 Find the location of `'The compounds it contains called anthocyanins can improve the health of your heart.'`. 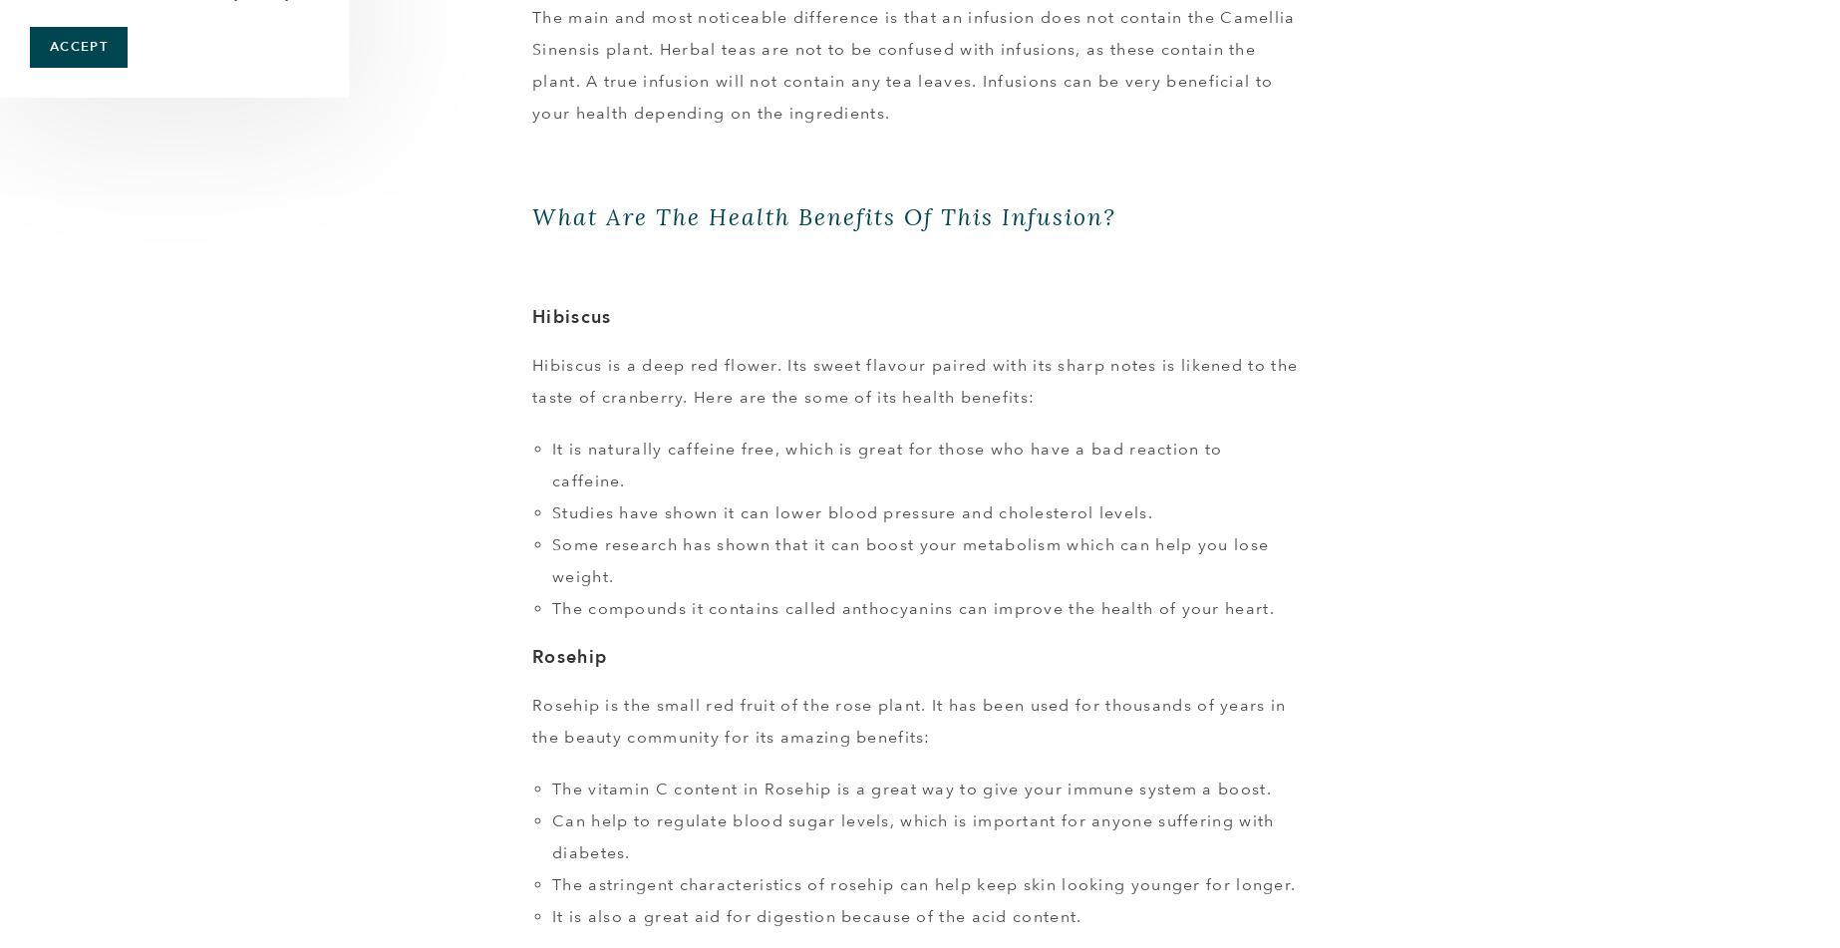

'The compounds it contains called anthocyanins can improve the health of your heart.' is located at coordinates (550, 606).